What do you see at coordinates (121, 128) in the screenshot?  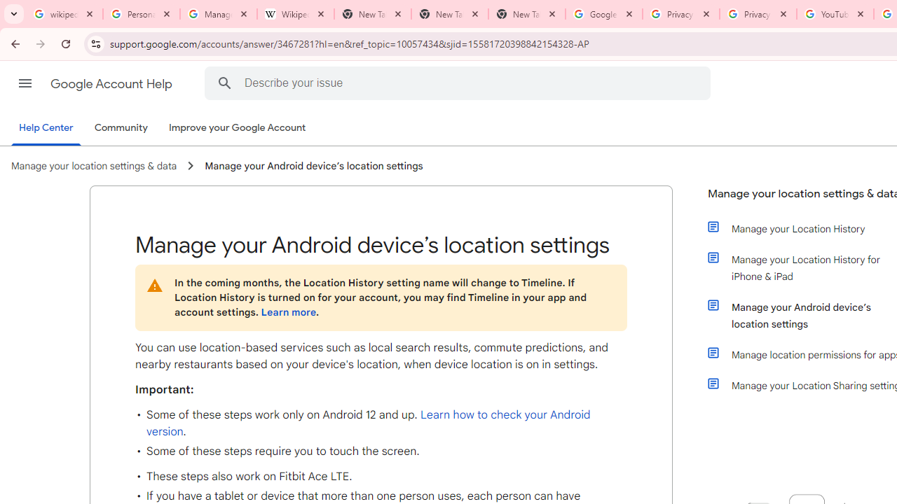 I see `'Community'` at bounding box center [121, 128].